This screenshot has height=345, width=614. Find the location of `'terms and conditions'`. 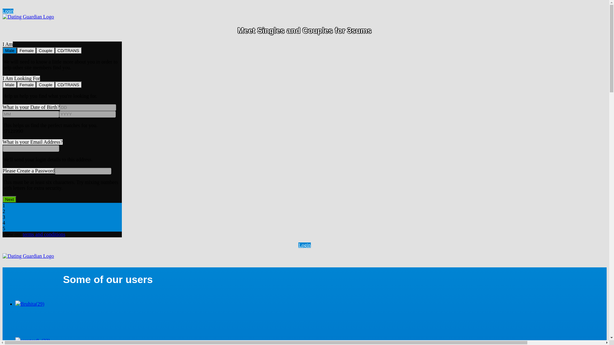

'terms and conditions' is located at coordinates (43, 234).